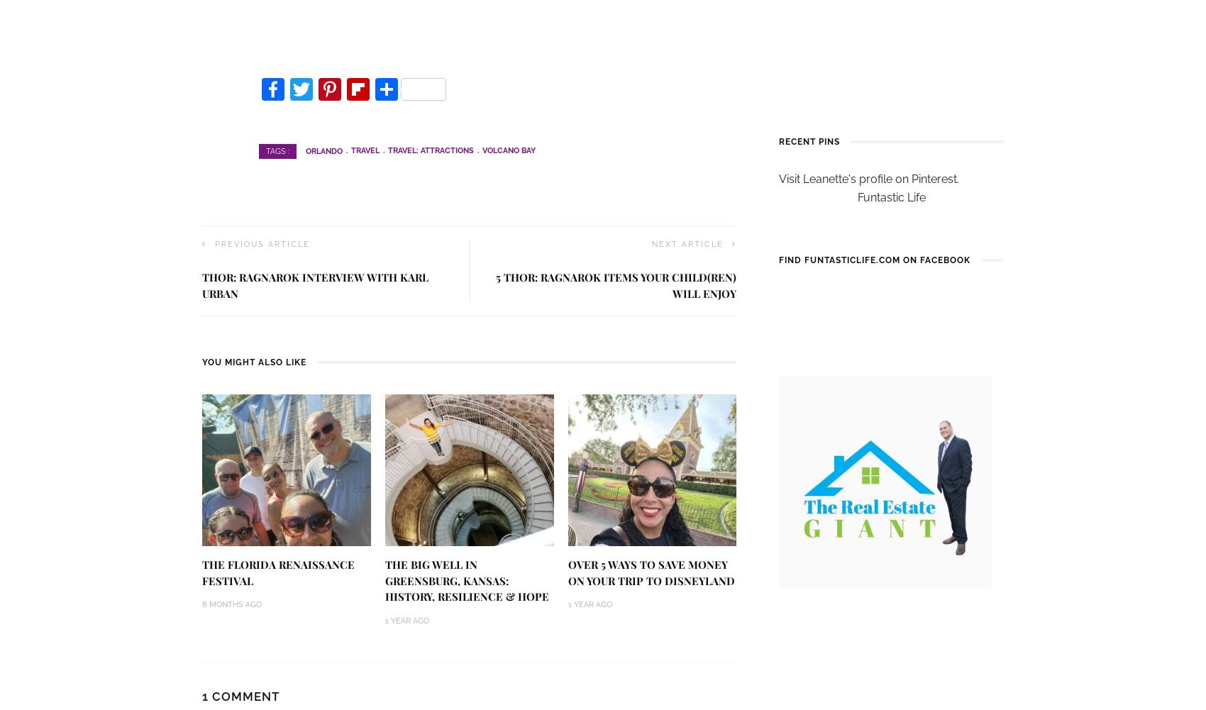 The height and width of the screenshot is (710, 1206). Describe the element at coordinates (214, 244) in the screenshot. I see `'previous article'` at that location.